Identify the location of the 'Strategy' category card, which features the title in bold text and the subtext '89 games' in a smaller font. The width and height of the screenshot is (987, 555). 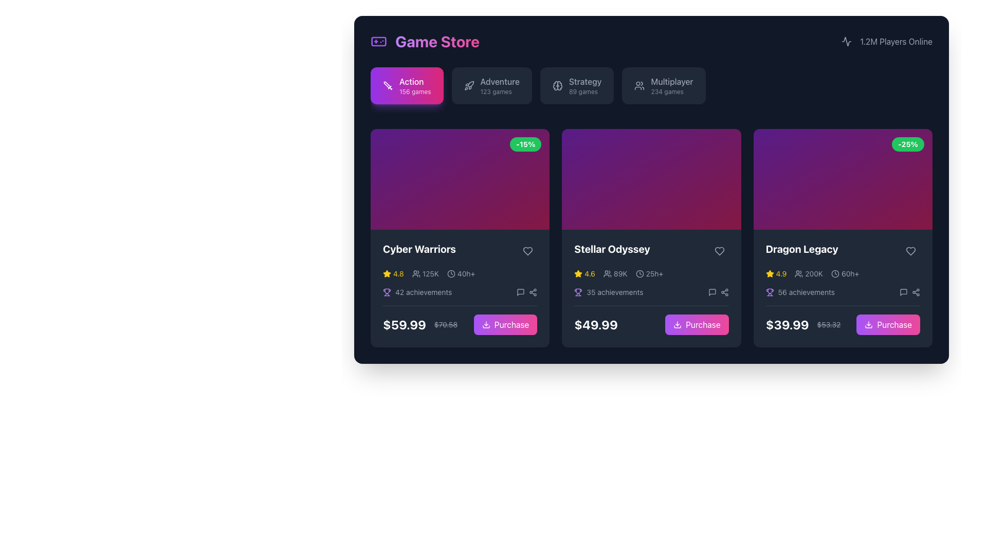
(584, 85).